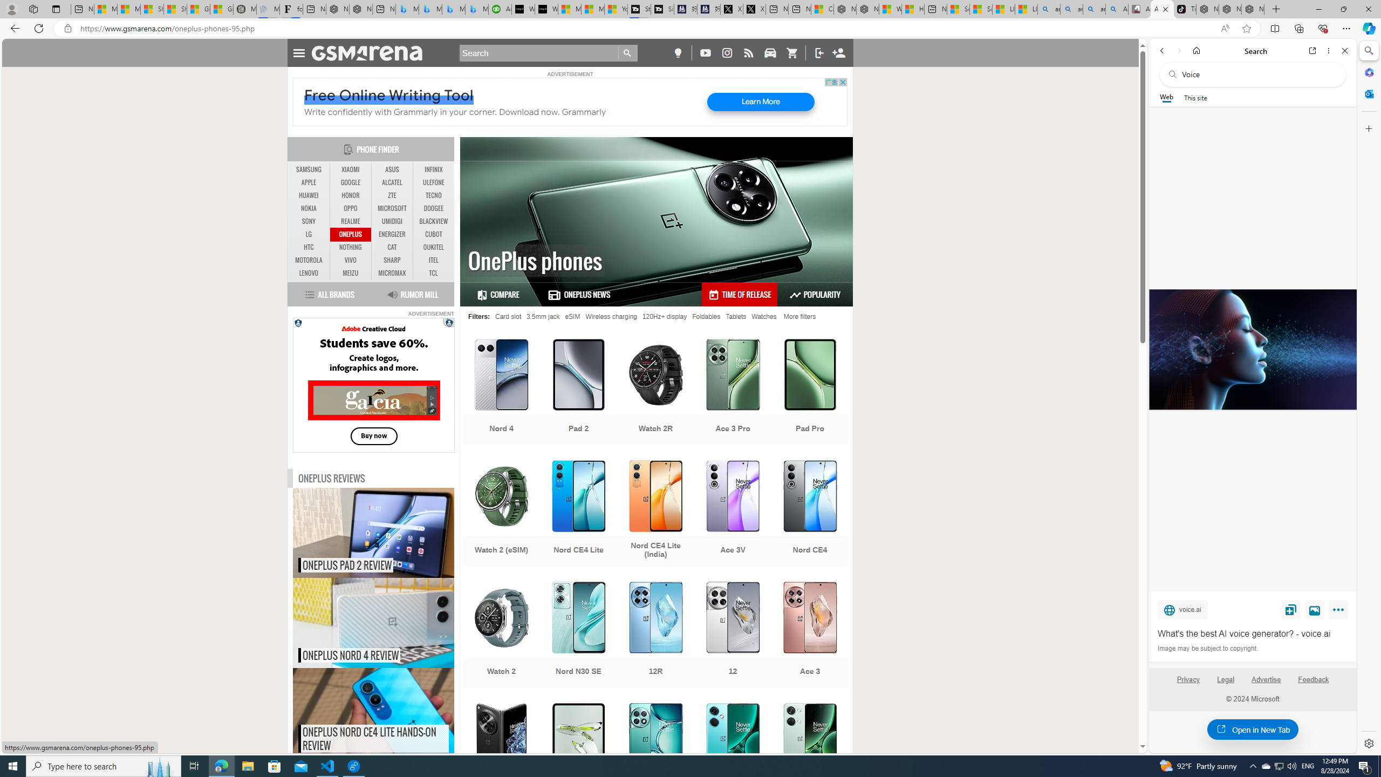  Describe the element at coordinates (433, 234) in the screenshot. I see `'CUBOT'` at that location.